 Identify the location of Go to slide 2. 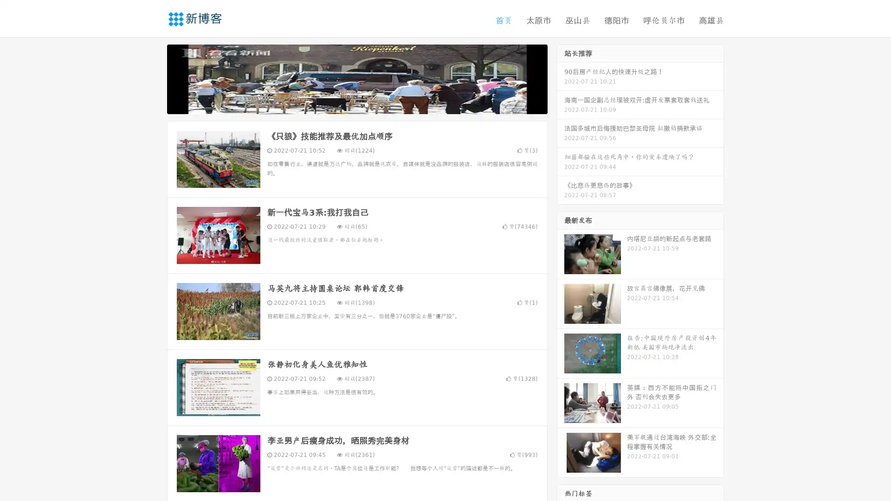
(356, 104).